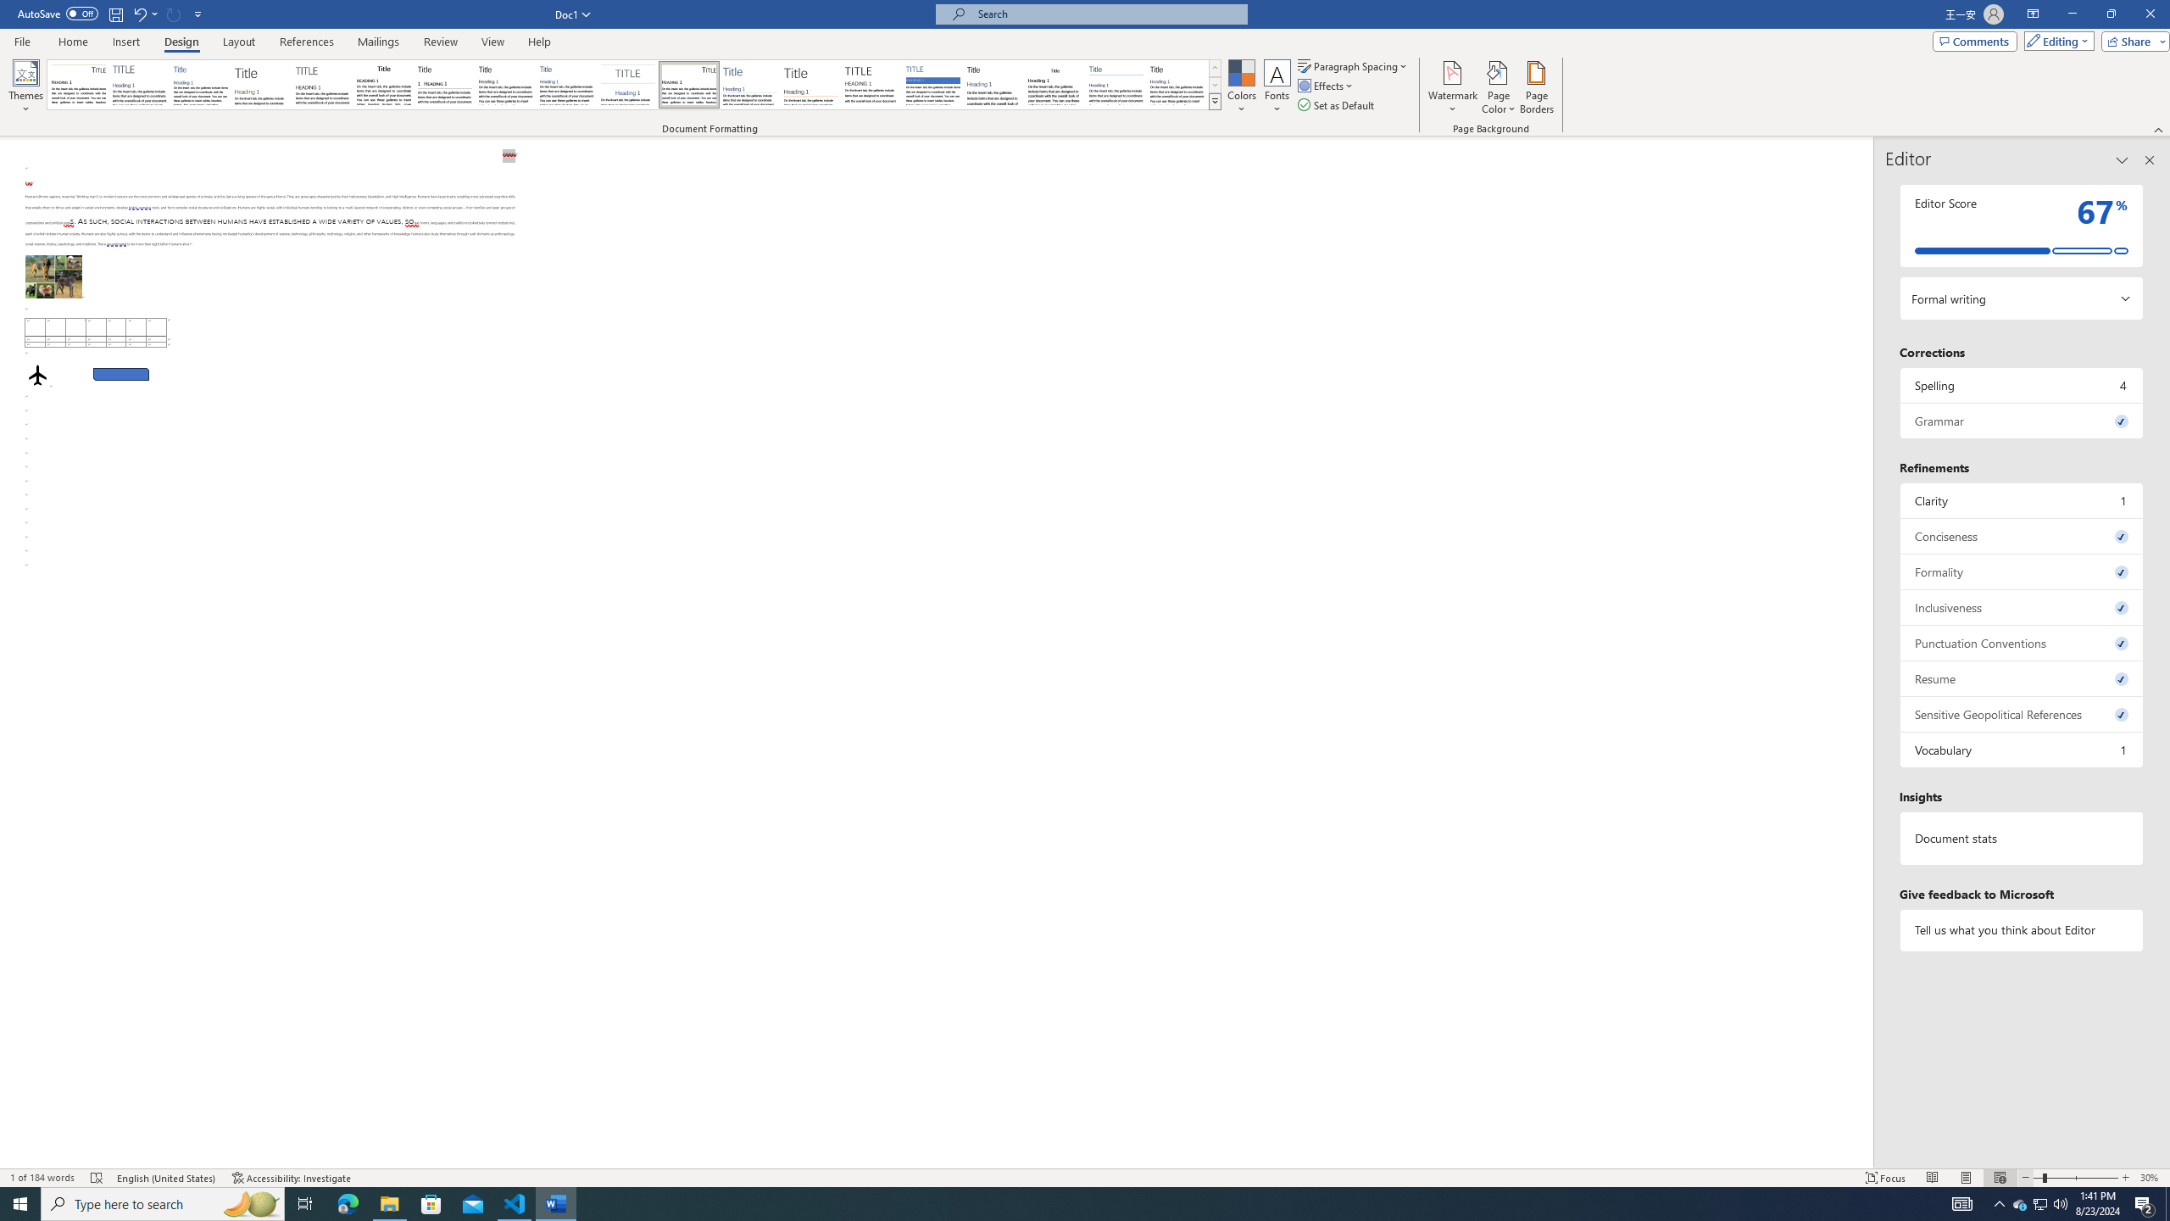 The height and width of the screenshot is (1221, 2170). I want to click on 'Mailings', so click(377, 42).